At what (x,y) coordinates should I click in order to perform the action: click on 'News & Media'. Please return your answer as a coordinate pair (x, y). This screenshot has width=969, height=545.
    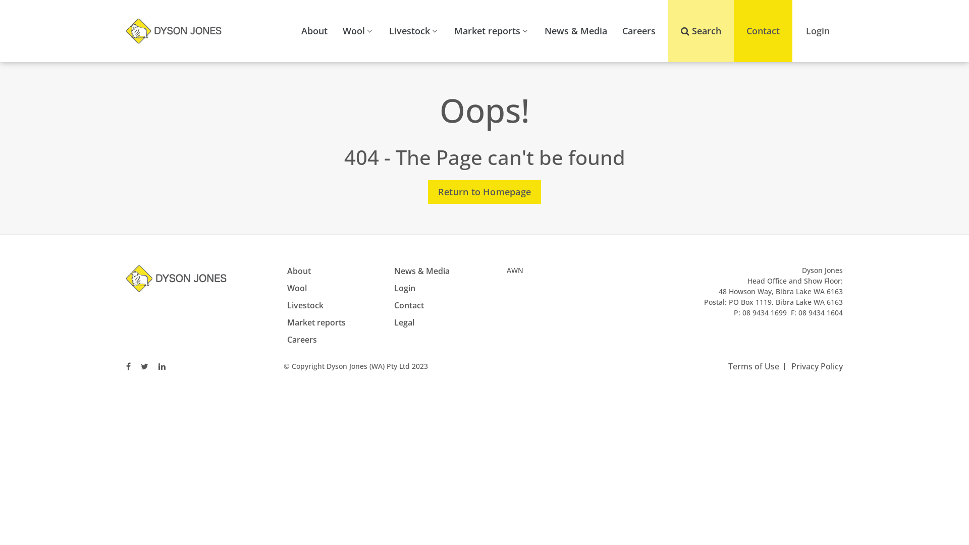
    Looking at the image, I should click on (421, 270).